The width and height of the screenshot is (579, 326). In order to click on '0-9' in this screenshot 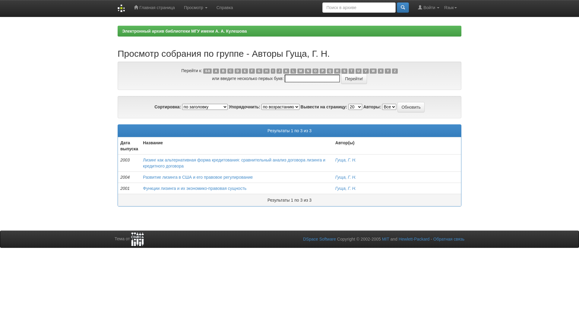, I will do `click(207, 71)`.